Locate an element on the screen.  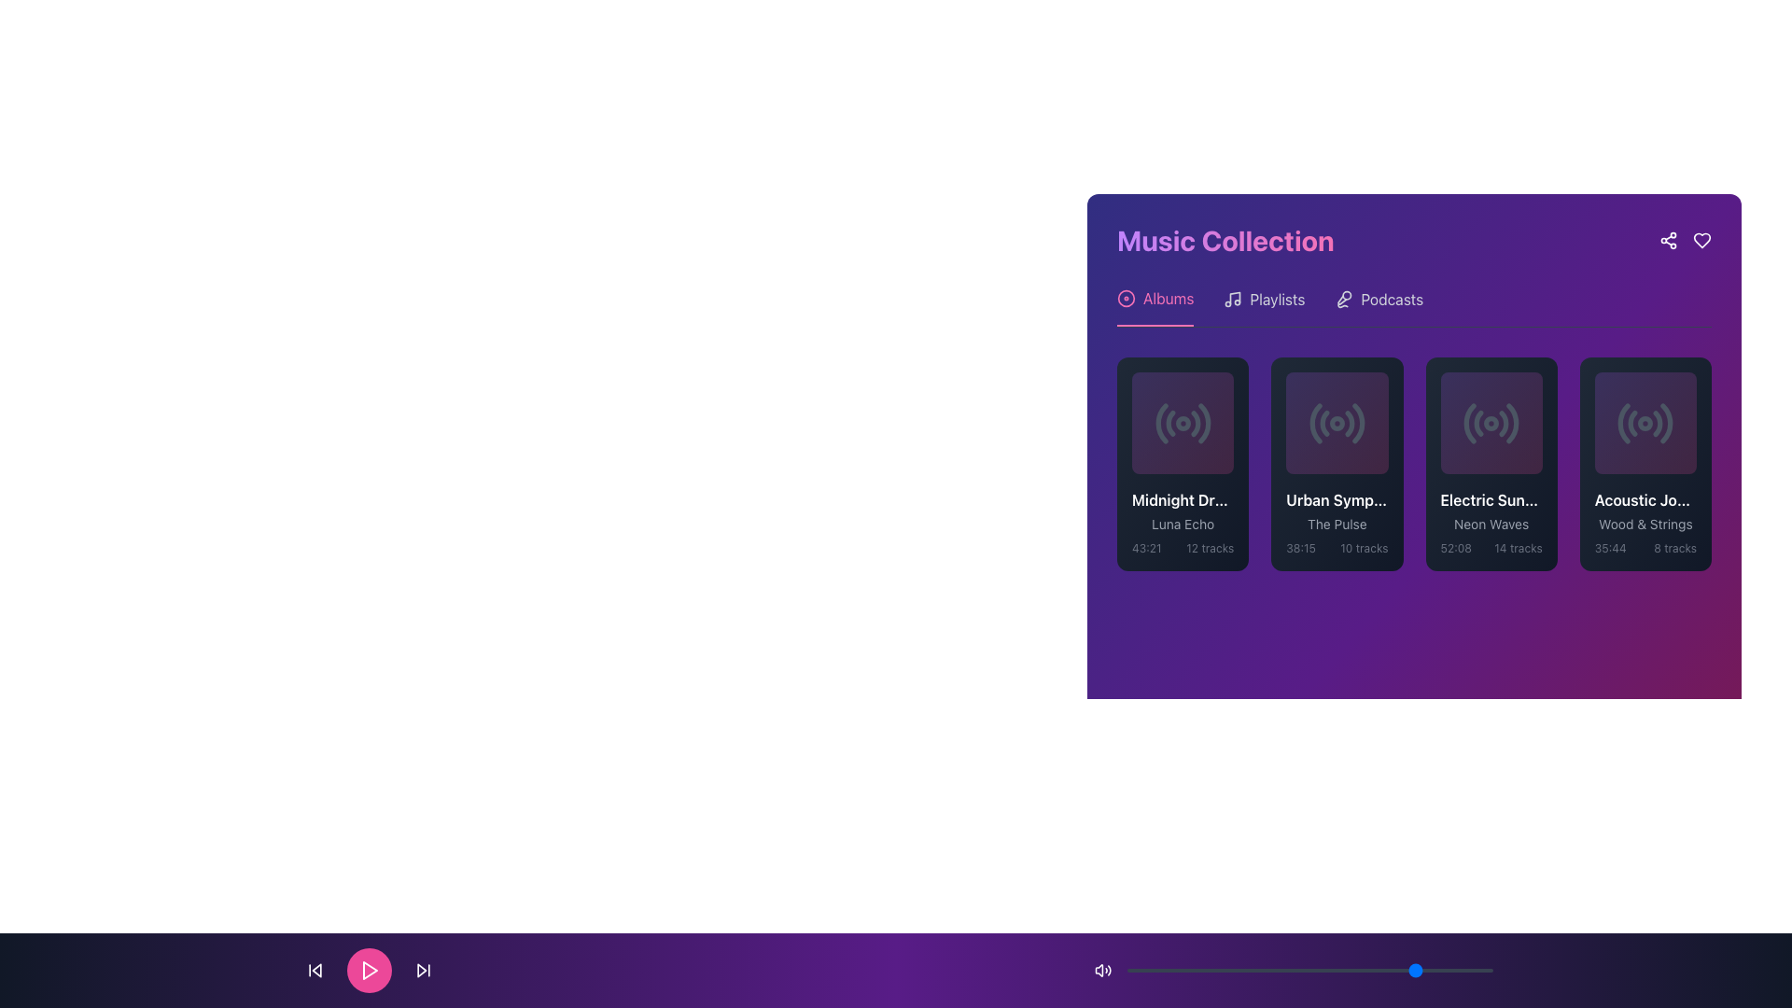
the slider value is located at coordinates (1177, 970).